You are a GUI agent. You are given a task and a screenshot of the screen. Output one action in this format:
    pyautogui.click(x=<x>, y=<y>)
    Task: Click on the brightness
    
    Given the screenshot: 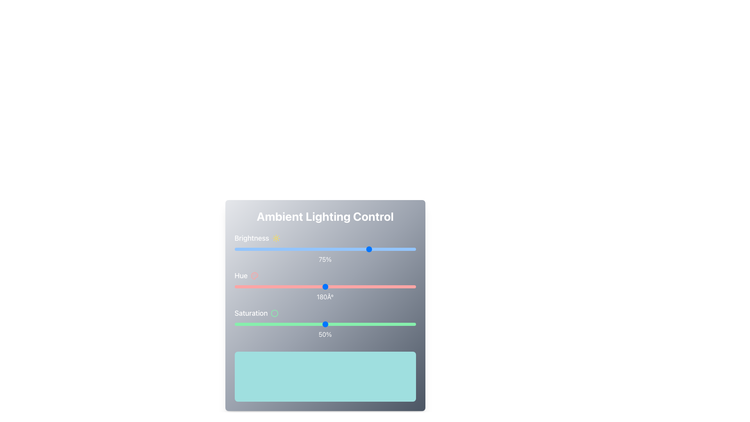 What is the action you would take?
    pyautogui.click(x=248, y=249)
    